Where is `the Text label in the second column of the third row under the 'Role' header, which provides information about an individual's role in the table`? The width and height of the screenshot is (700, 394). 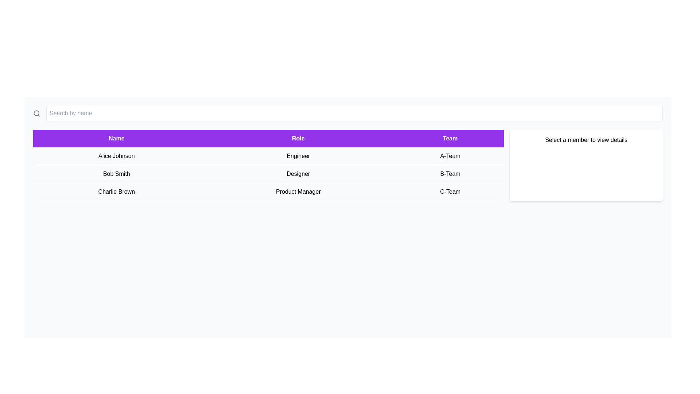 the Text label in the second column of the third row under the 'Role' header, which provides information about an individual's role in the table is located at coordinates (298, 191).